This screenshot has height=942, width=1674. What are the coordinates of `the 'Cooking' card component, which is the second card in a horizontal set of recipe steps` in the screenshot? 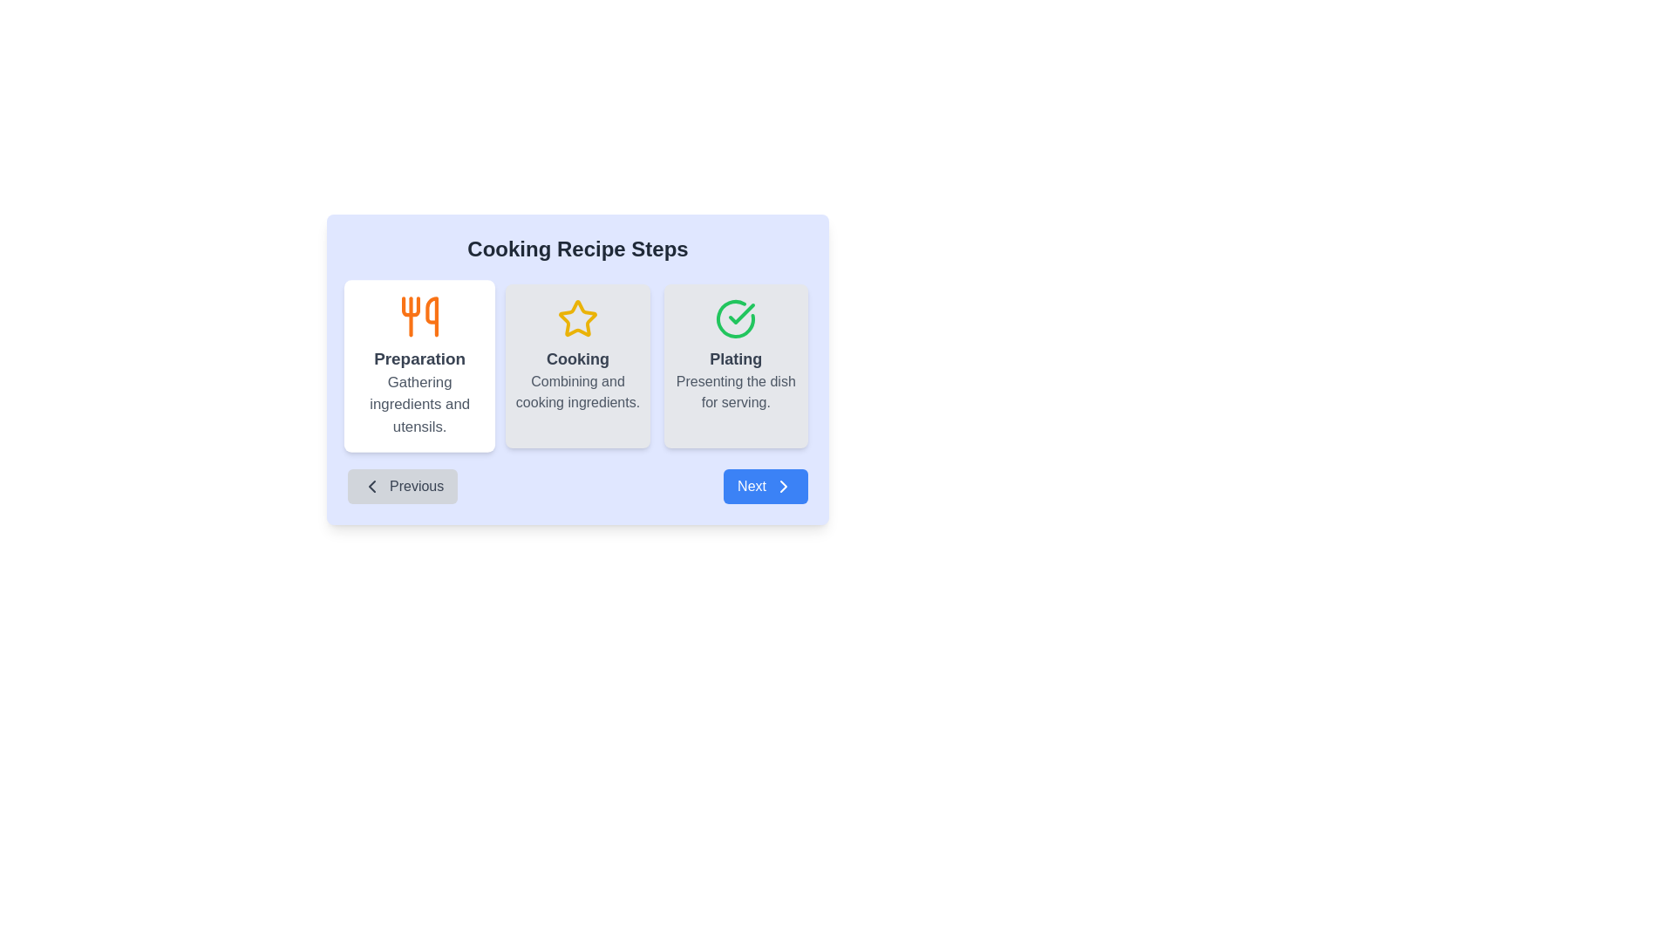 It's located at (577, 369).